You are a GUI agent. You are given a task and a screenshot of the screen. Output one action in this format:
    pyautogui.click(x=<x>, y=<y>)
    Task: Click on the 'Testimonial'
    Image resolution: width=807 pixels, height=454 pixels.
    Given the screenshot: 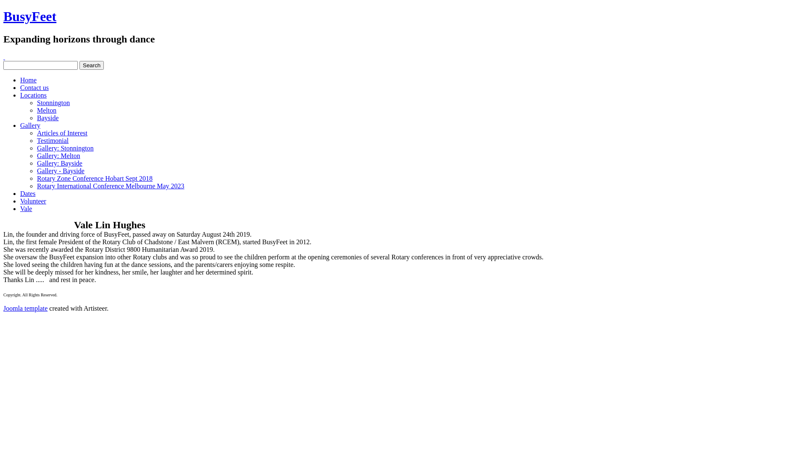 What is the action you would take?
    pyautogui.click(x=36, y=140)
    